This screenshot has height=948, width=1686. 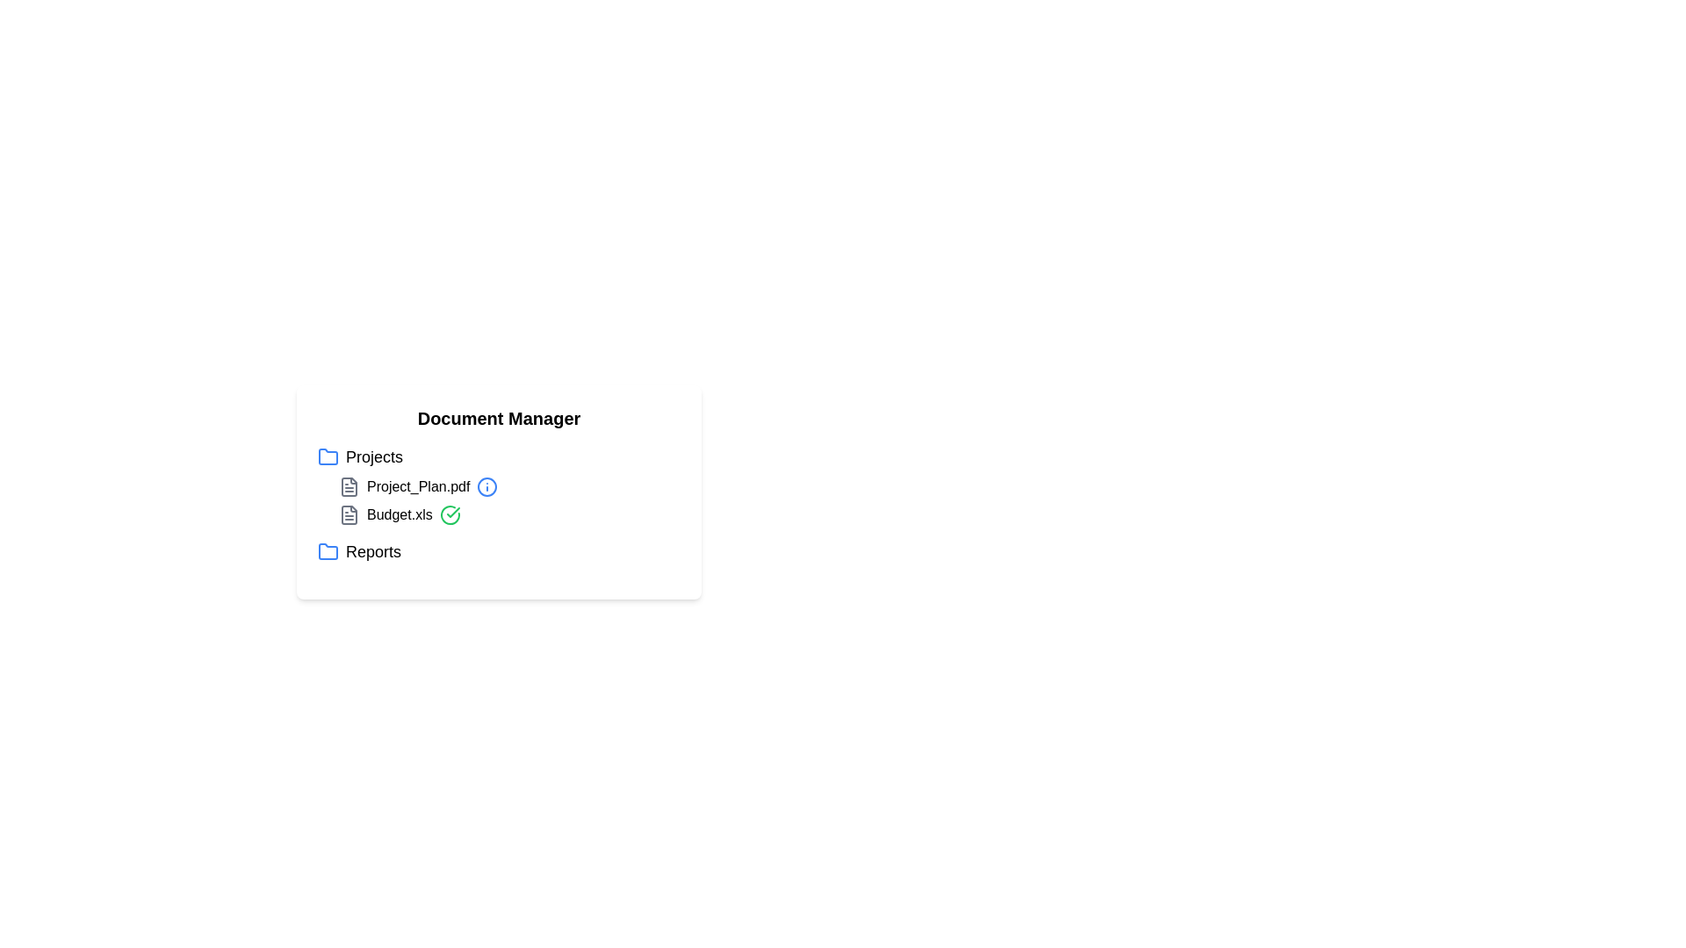 I want to click on the folder icon corresponding to Reports, so click(x=328, y=550).